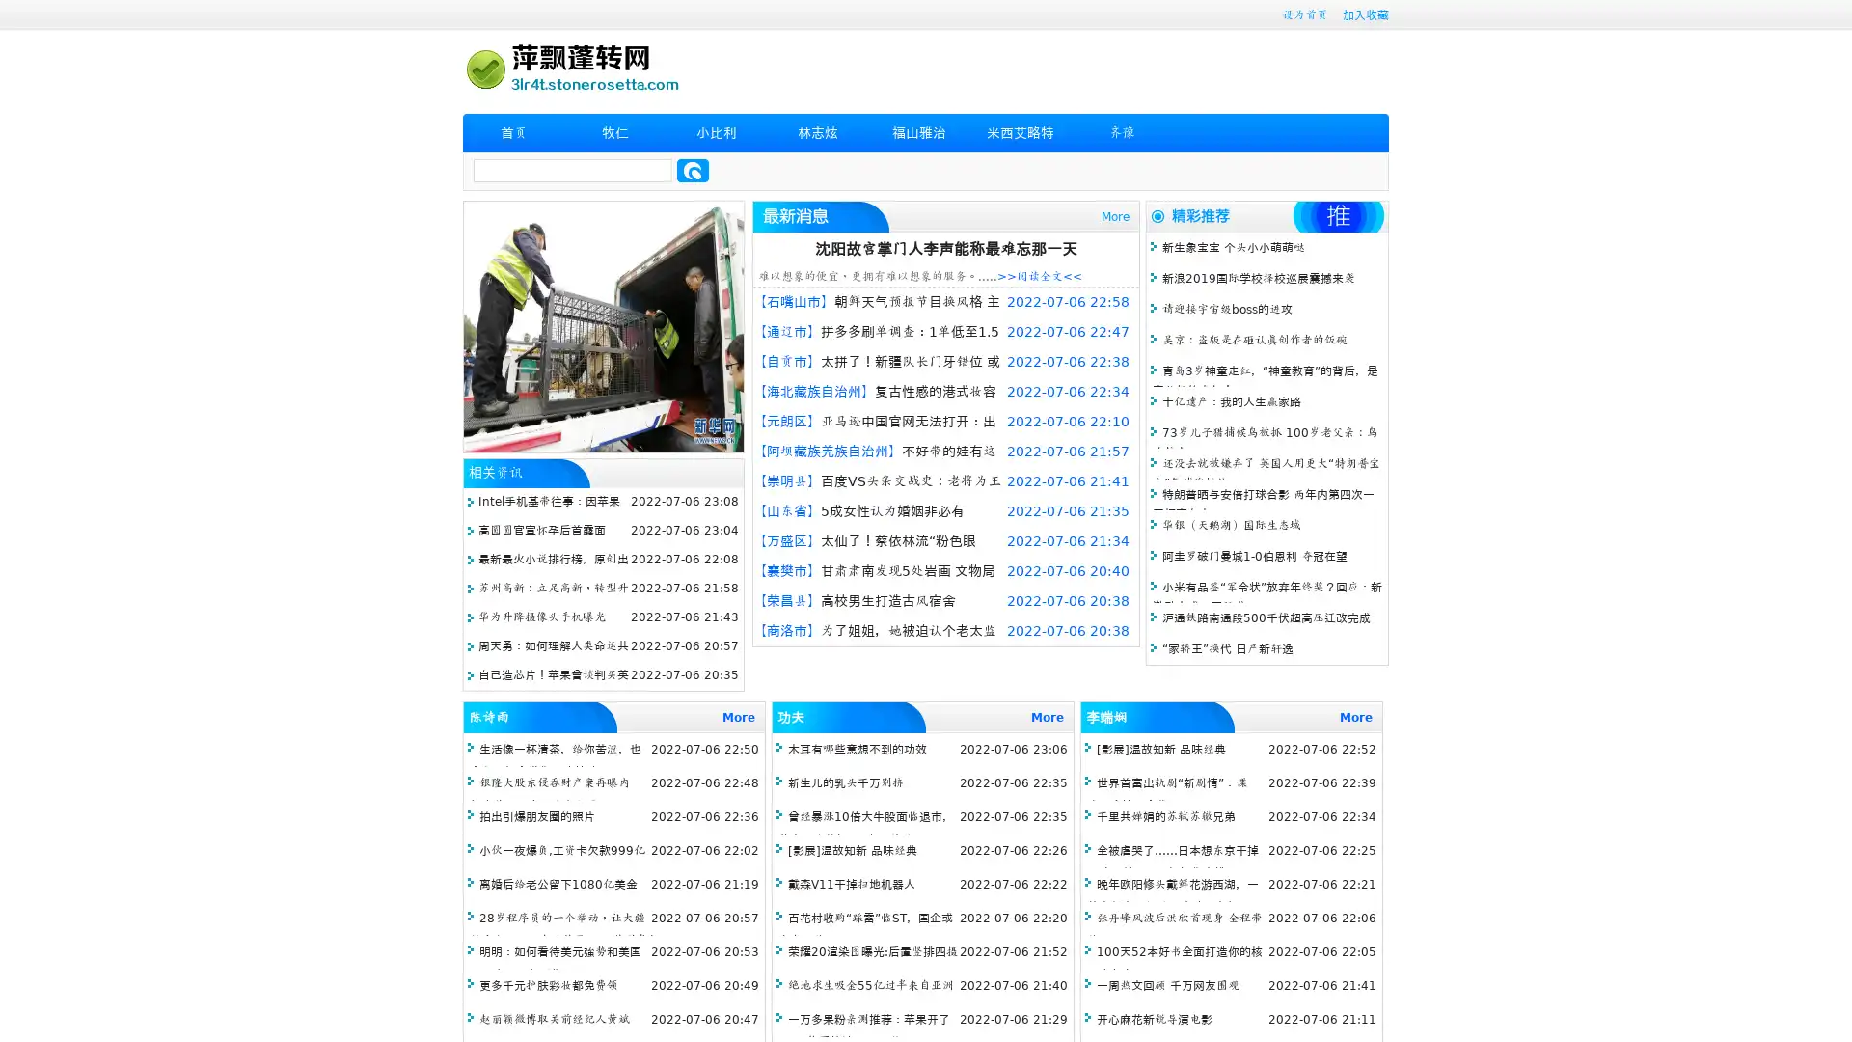 This screenshot has width=1852, height=1042. Describe the element at coordinates (693, 170) in the screenshot. I see `Search` at that location.